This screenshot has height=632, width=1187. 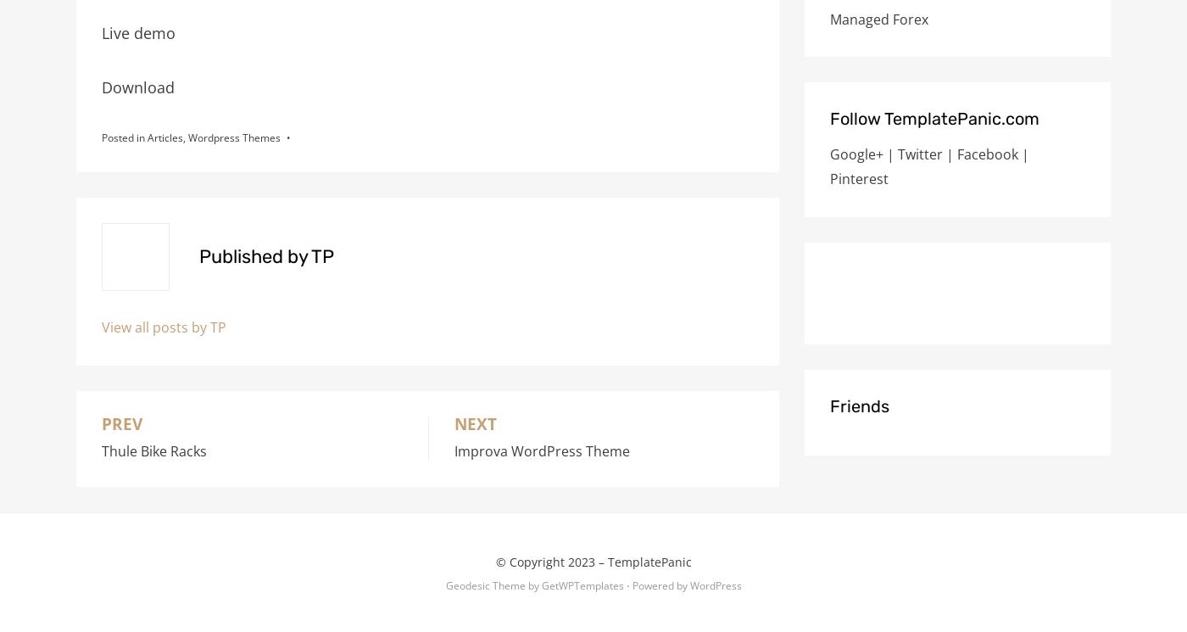 I want to click on 'Powered by', so click(x=659, y=584).